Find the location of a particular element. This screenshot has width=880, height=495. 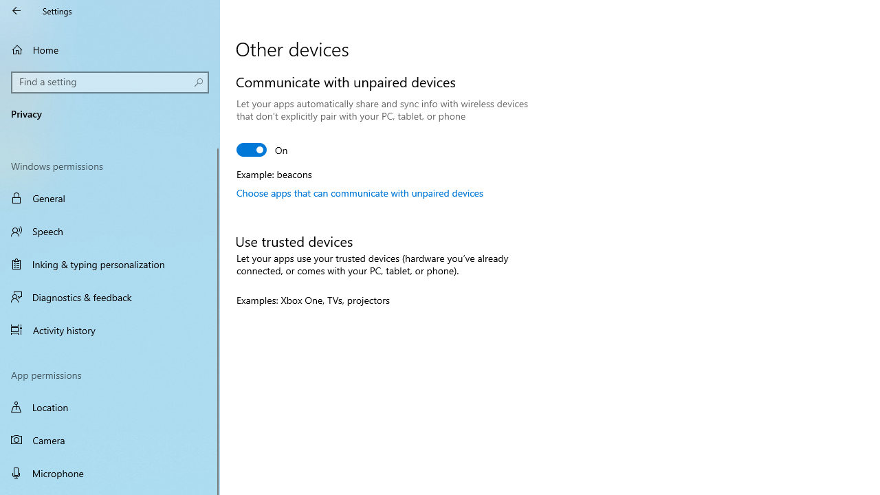

'Camera' is located at coordinates (110, 440).